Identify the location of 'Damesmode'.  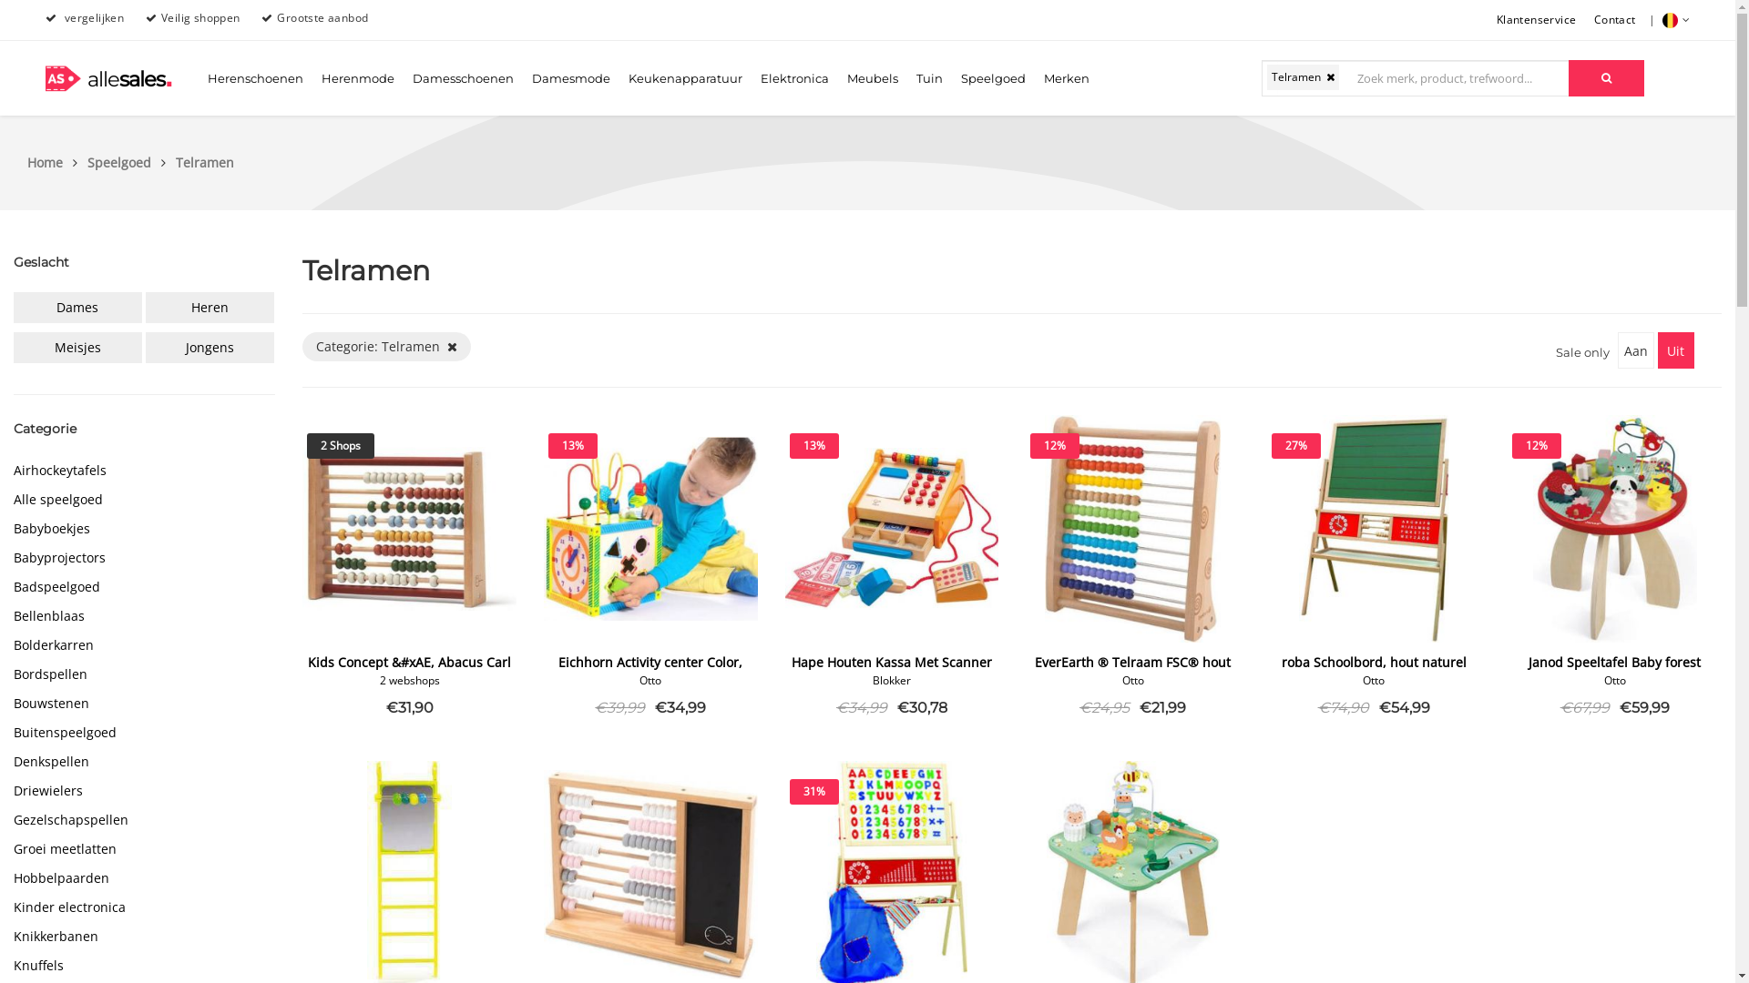
(522, 76).